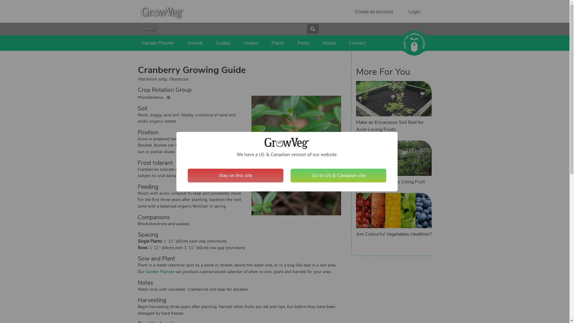 The image size is (574, 323). Describe the element at coordinates (235, 175) in the screenshot. I see `'Stay on this site'` at that location.